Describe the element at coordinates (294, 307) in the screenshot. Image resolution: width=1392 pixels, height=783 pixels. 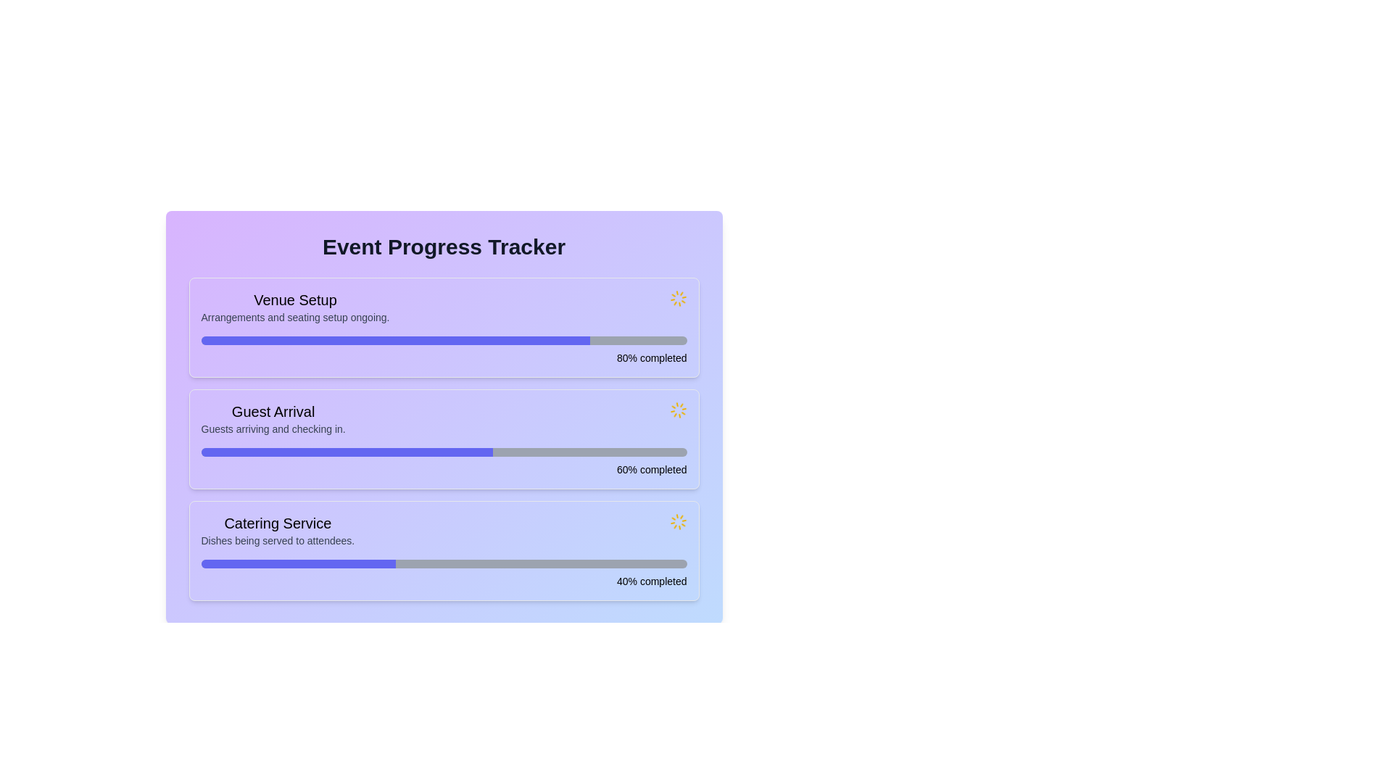
I see `the 'Venue Setup' progress update text which is the first element in the vertical list of sections within the card layout` at that location.